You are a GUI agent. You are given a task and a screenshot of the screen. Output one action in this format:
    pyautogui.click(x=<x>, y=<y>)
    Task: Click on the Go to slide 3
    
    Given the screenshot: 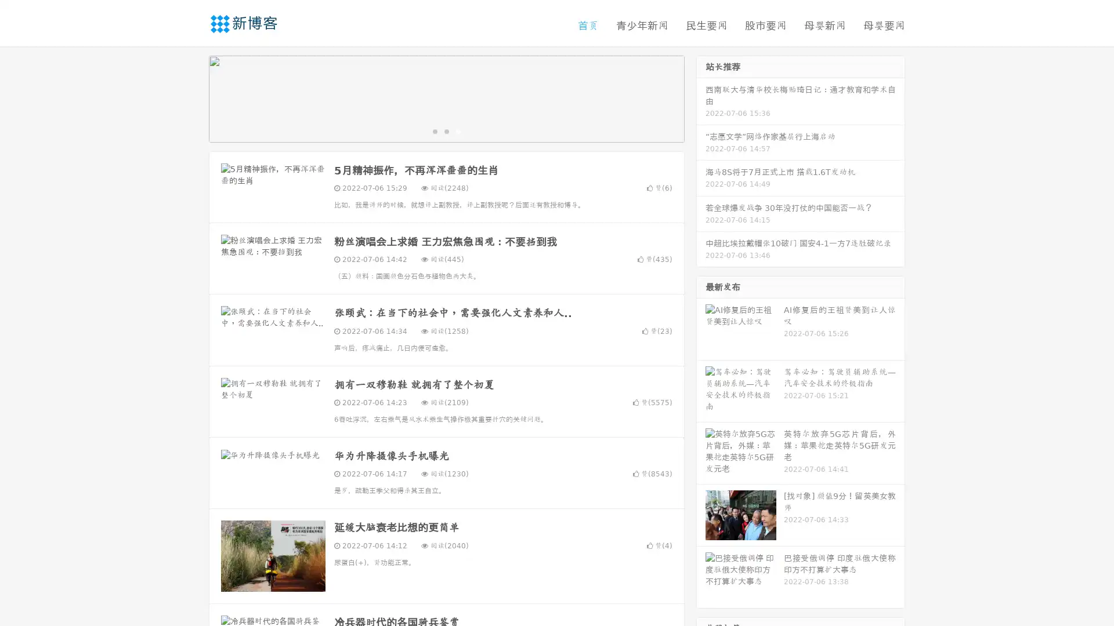 What is the action you would take?
    pyautogui.click(x=458, y=130)
    